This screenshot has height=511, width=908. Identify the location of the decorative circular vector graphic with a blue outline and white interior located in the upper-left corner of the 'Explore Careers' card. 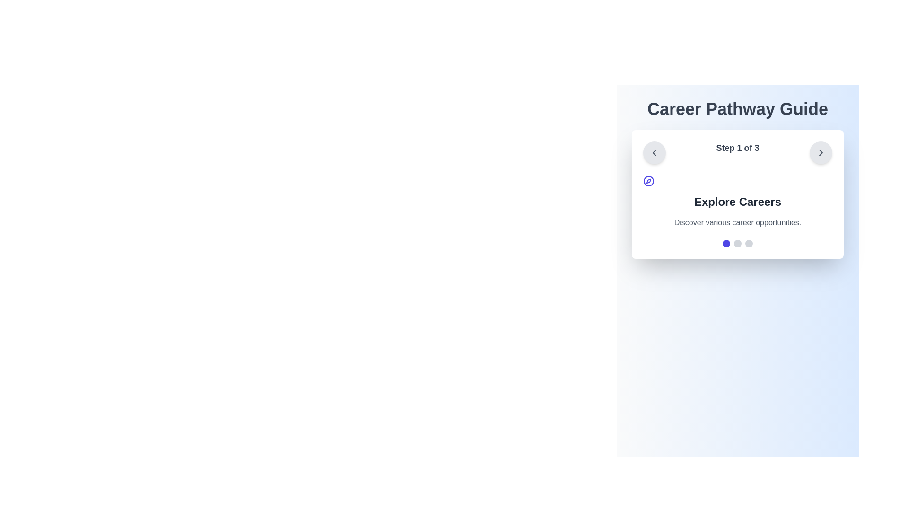
(648, 181).